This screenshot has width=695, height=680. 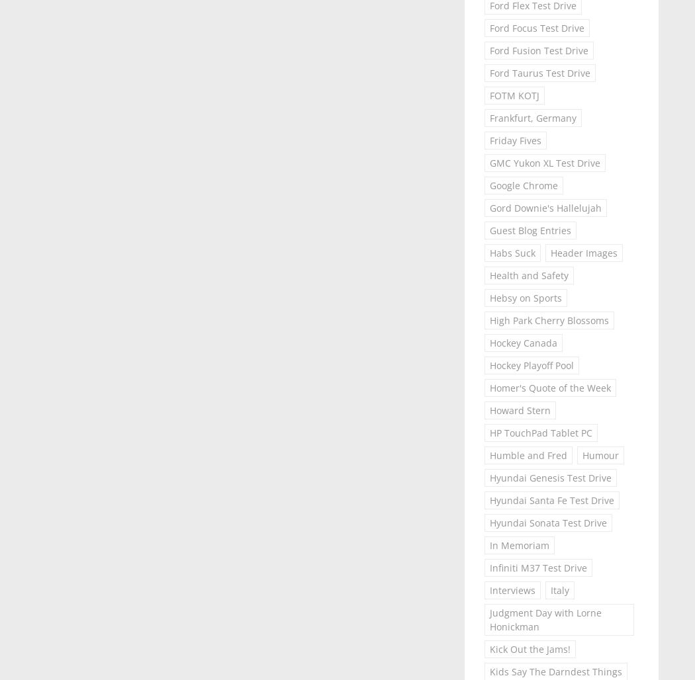 What do you see at coordinates (524, 298) in the screenshot?
I see `'Hebsy on Sports'` at bounding box center [524, 298].